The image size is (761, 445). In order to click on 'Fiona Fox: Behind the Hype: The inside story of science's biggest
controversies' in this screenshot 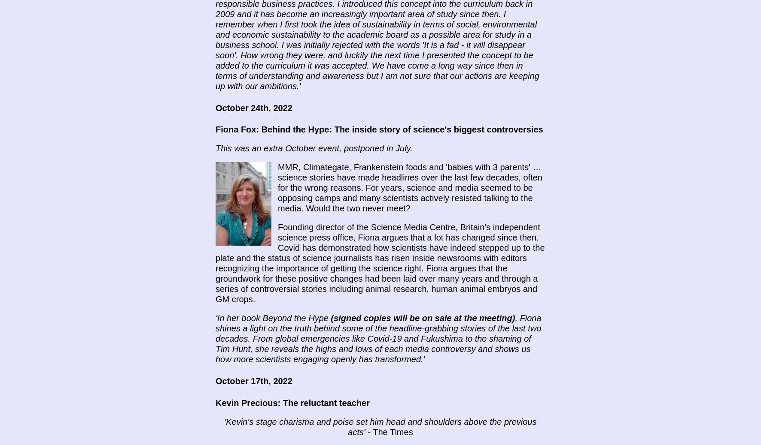, I will do `click(379, 129)`.